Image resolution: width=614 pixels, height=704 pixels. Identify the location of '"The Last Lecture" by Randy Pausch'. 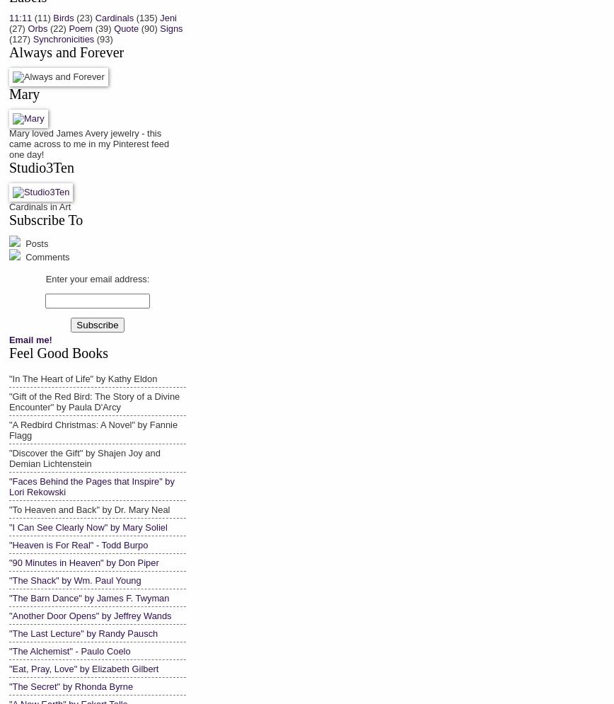
(9, 632).